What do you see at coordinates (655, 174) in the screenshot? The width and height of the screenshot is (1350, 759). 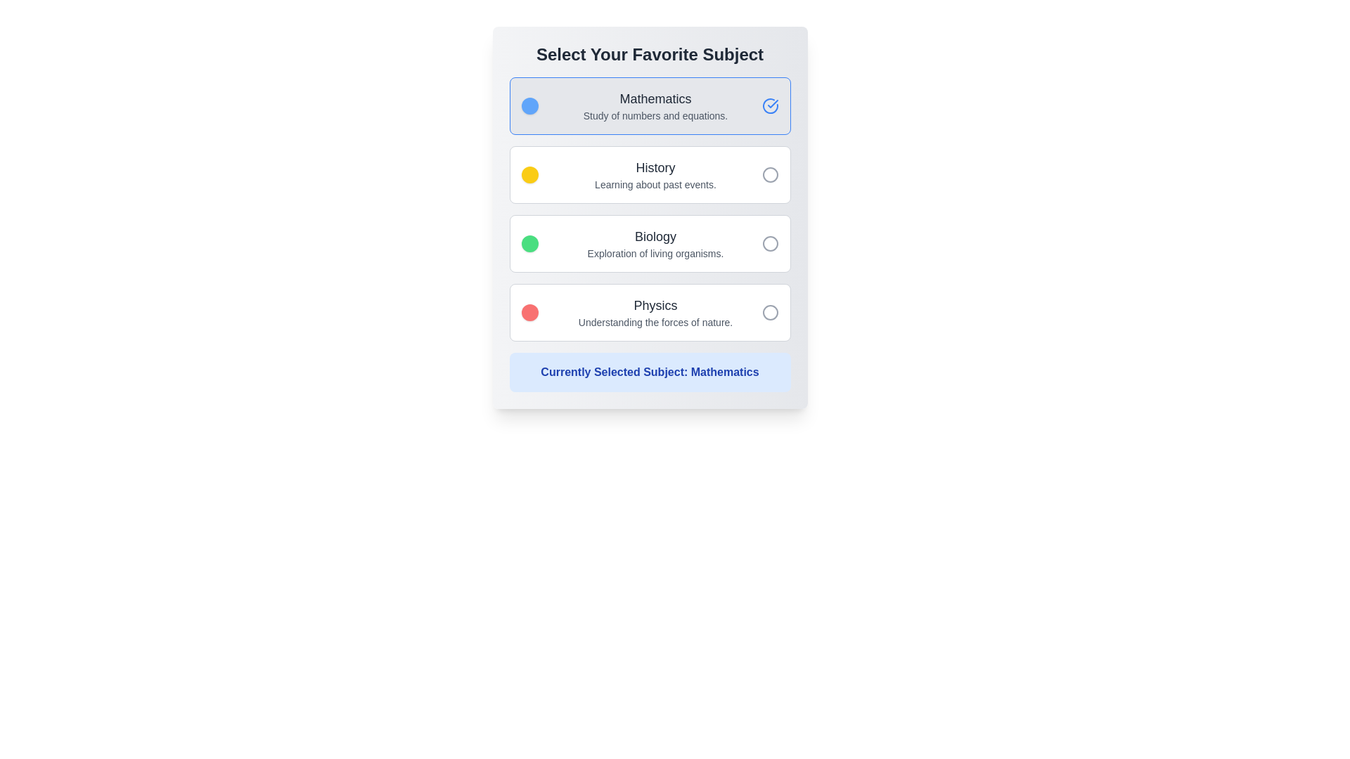 I see `the 'History' option in the selection menu, which is the second item in the list between 'Mathematics' and 'Biology', indicated by a yellow circular icon on the left and a radio button on the right` at bounding box center [655, 174].